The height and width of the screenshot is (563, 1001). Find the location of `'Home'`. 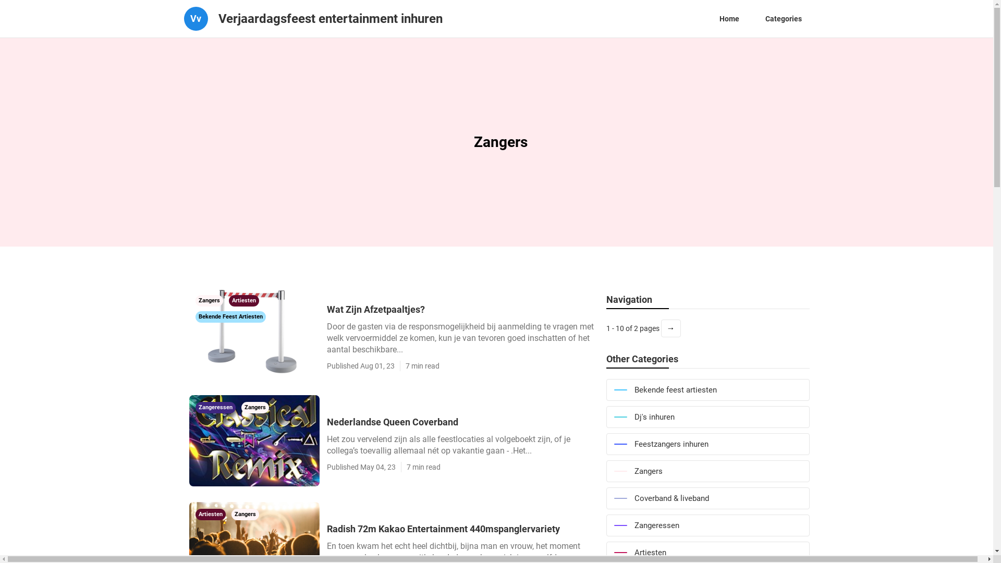

'Home' is located at coordinates (710, 18).